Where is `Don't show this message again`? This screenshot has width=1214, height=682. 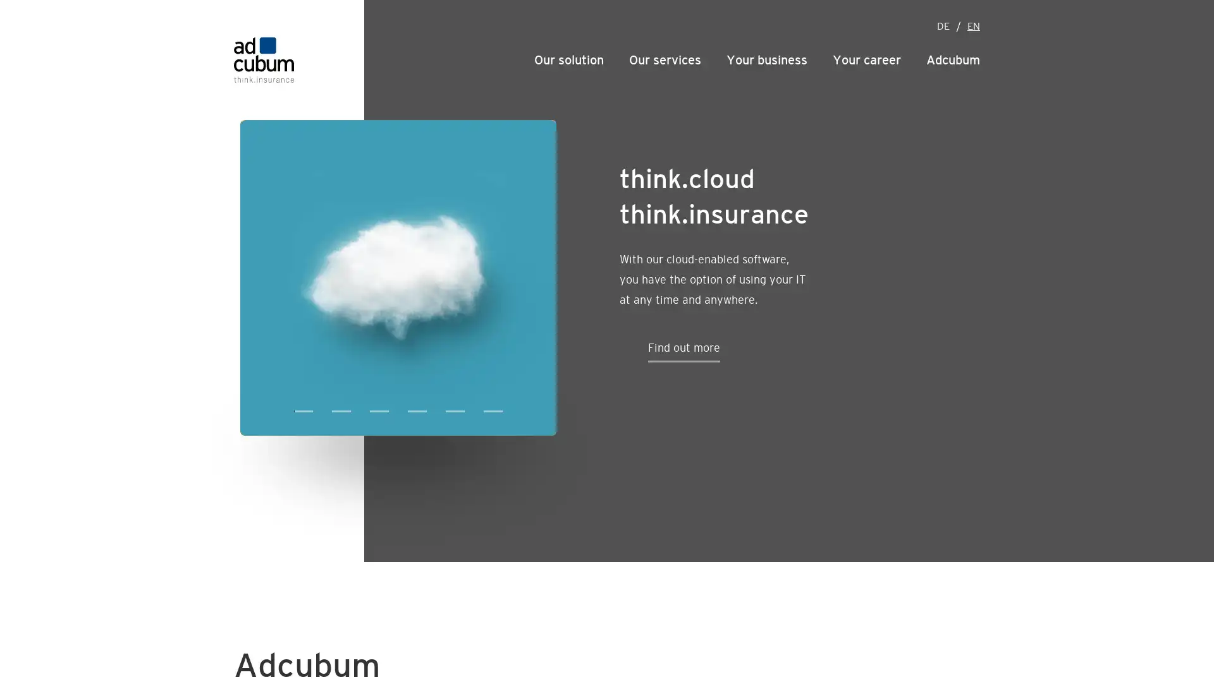
Don't show this message again is located at coordinates (706, 9).